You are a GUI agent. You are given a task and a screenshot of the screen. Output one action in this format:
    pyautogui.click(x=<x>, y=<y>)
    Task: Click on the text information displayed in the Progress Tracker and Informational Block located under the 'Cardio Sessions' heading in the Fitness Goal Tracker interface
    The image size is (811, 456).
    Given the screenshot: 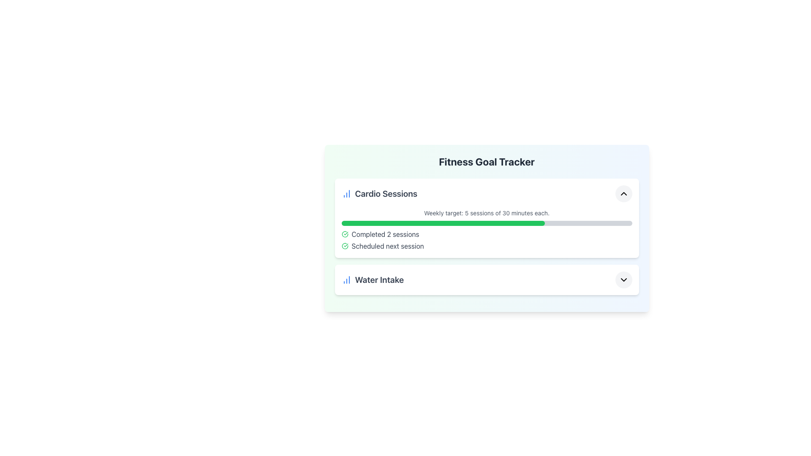 What is the action you would take?
    pyautogui.click(x=487, y=230)
    